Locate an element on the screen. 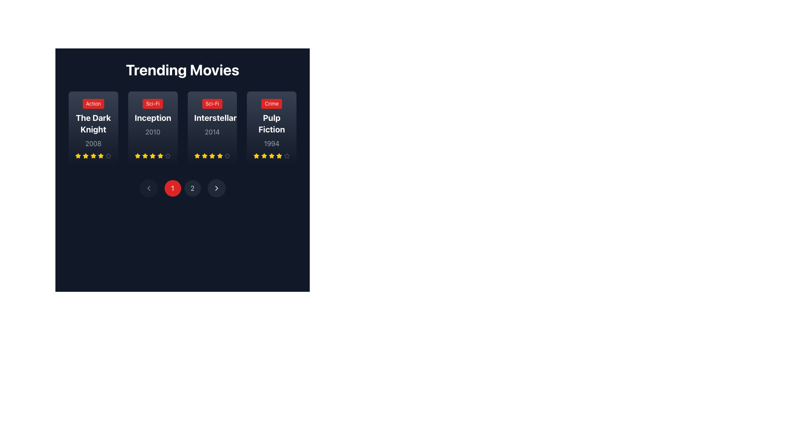  the fifth yellow star icon in the movie rating display for 'Inception.' is located at coordinates (160, 156).